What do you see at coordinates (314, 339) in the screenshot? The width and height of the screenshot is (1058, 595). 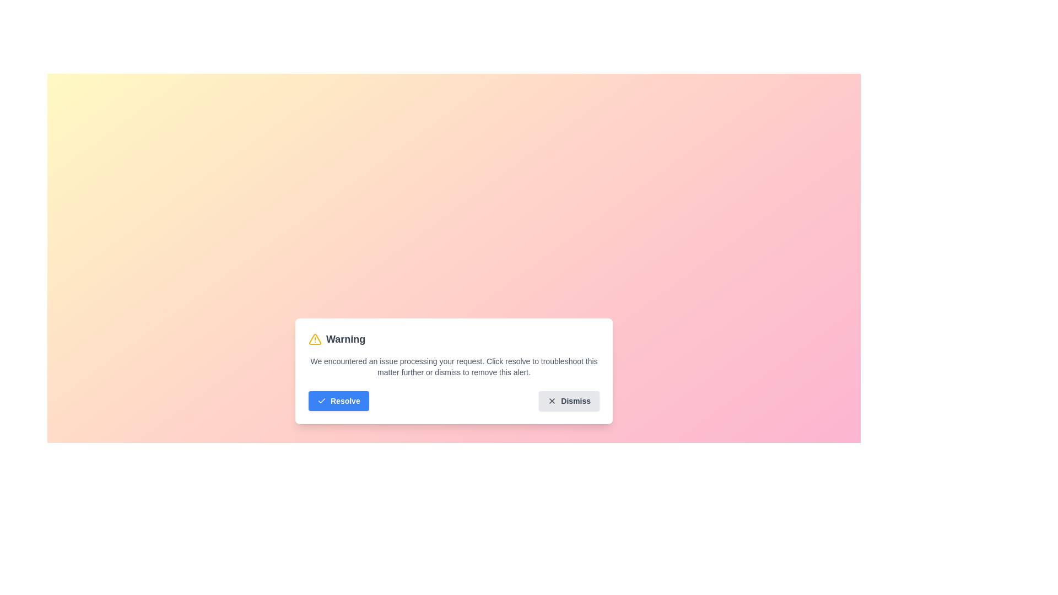 I see `the triangular alert icon, which is yellow with a black outline and has an exclamation mark, located to the left of the 'Warning' text in the dialog box` at bounding box center [314, 339].